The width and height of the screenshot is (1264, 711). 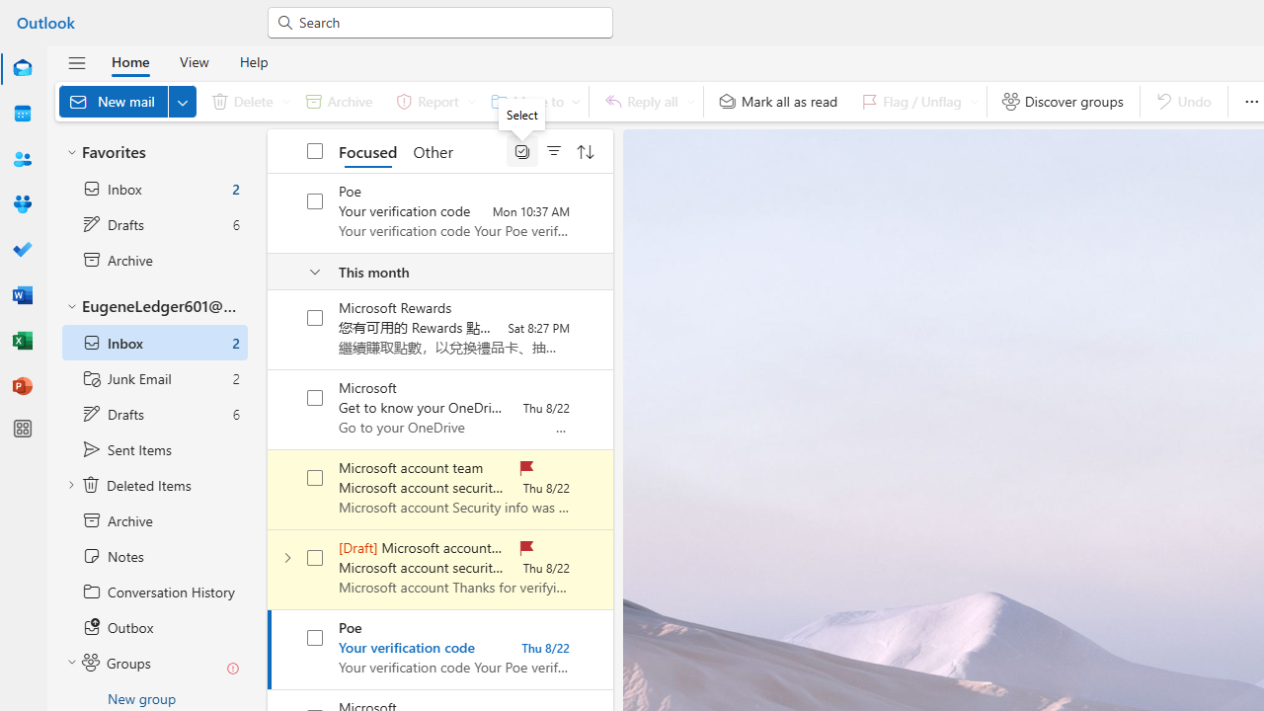 What do you see at coordinates (286, 557) in the screenshot?
I see `'Expand conversation'` at bounding box center [286, 557].